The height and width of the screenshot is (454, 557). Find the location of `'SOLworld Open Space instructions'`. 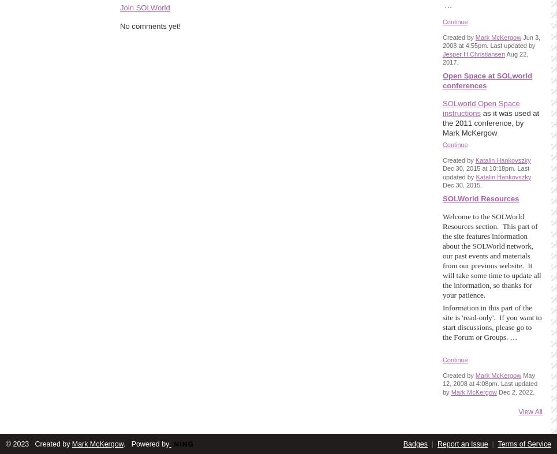

'SOLworld Open Space instructions' is located at coordinates (480, 107).